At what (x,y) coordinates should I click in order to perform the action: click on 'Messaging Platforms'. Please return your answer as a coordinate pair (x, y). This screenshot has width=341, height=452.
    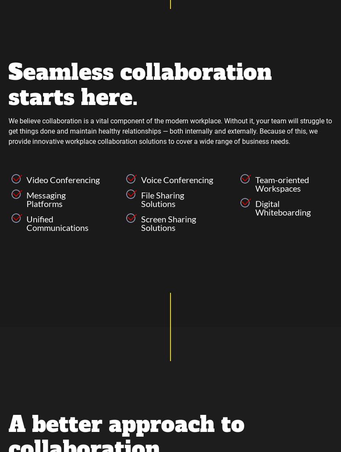
    Looking at the image, I should click on (46, 198).